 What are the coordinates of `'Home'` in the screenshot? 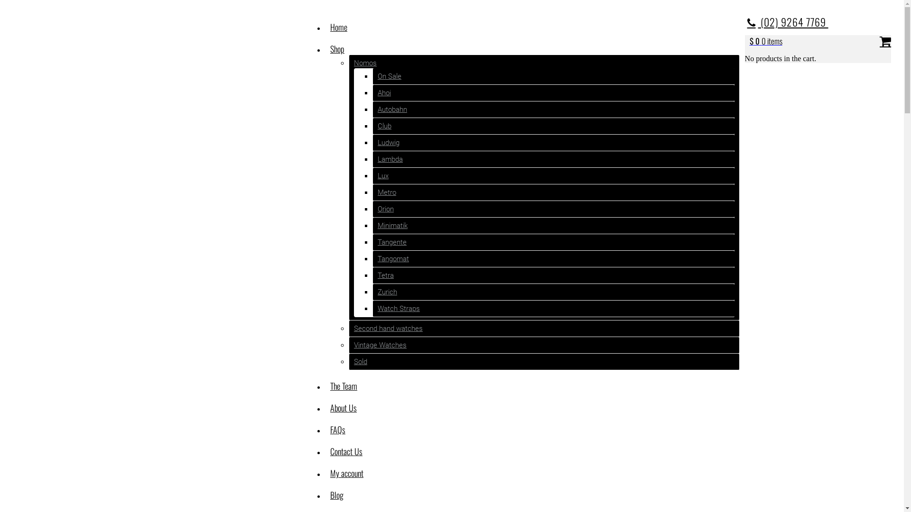 It's located at (339, 27).